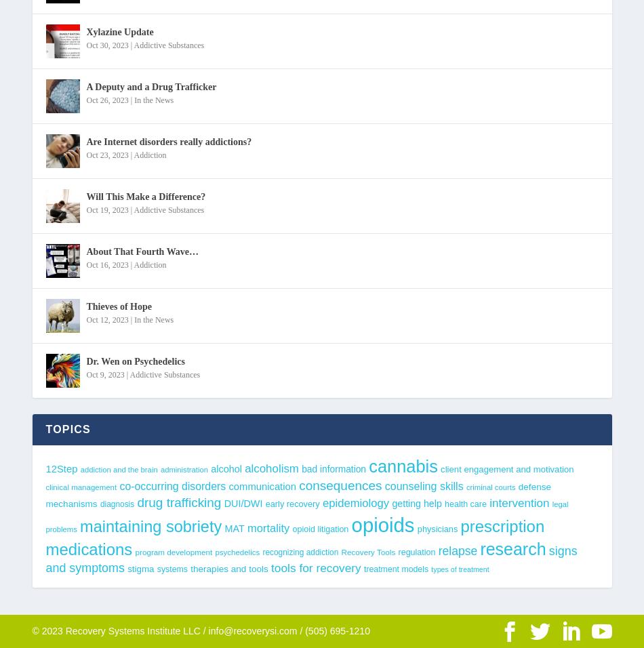 The height and width of the screenshot is (648, 644). I want to click on 'relapse', so click(457, 550).